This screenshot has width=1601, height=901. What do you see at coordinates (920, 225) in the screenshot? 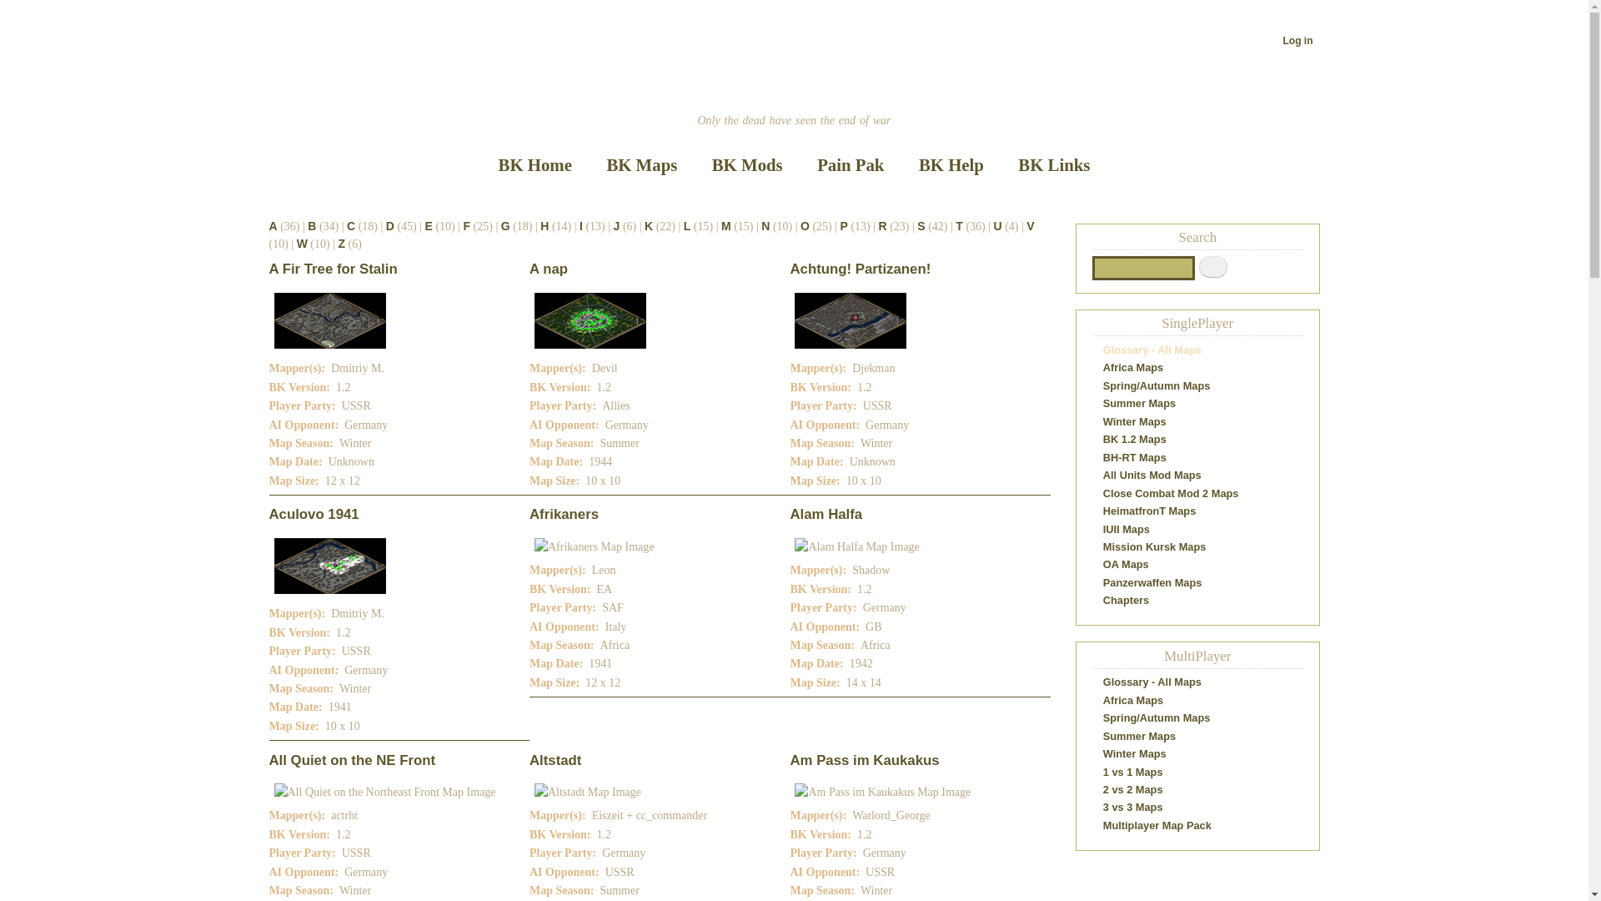
I see `'S'` at bounding box center [920, 225].